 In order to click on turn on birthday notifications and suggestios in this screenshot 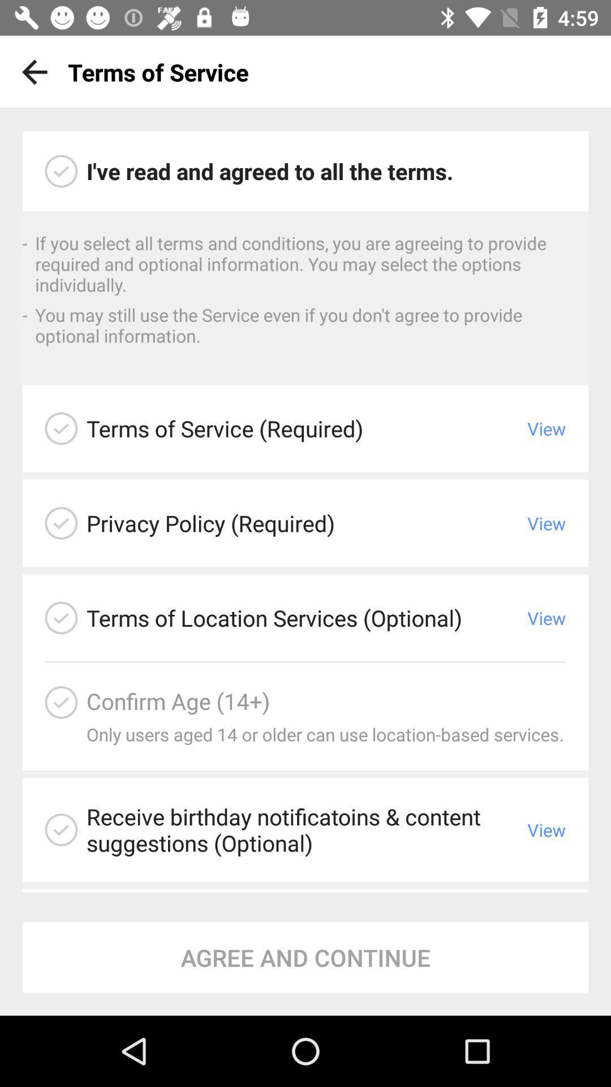, I will do `click(61, 829)`.